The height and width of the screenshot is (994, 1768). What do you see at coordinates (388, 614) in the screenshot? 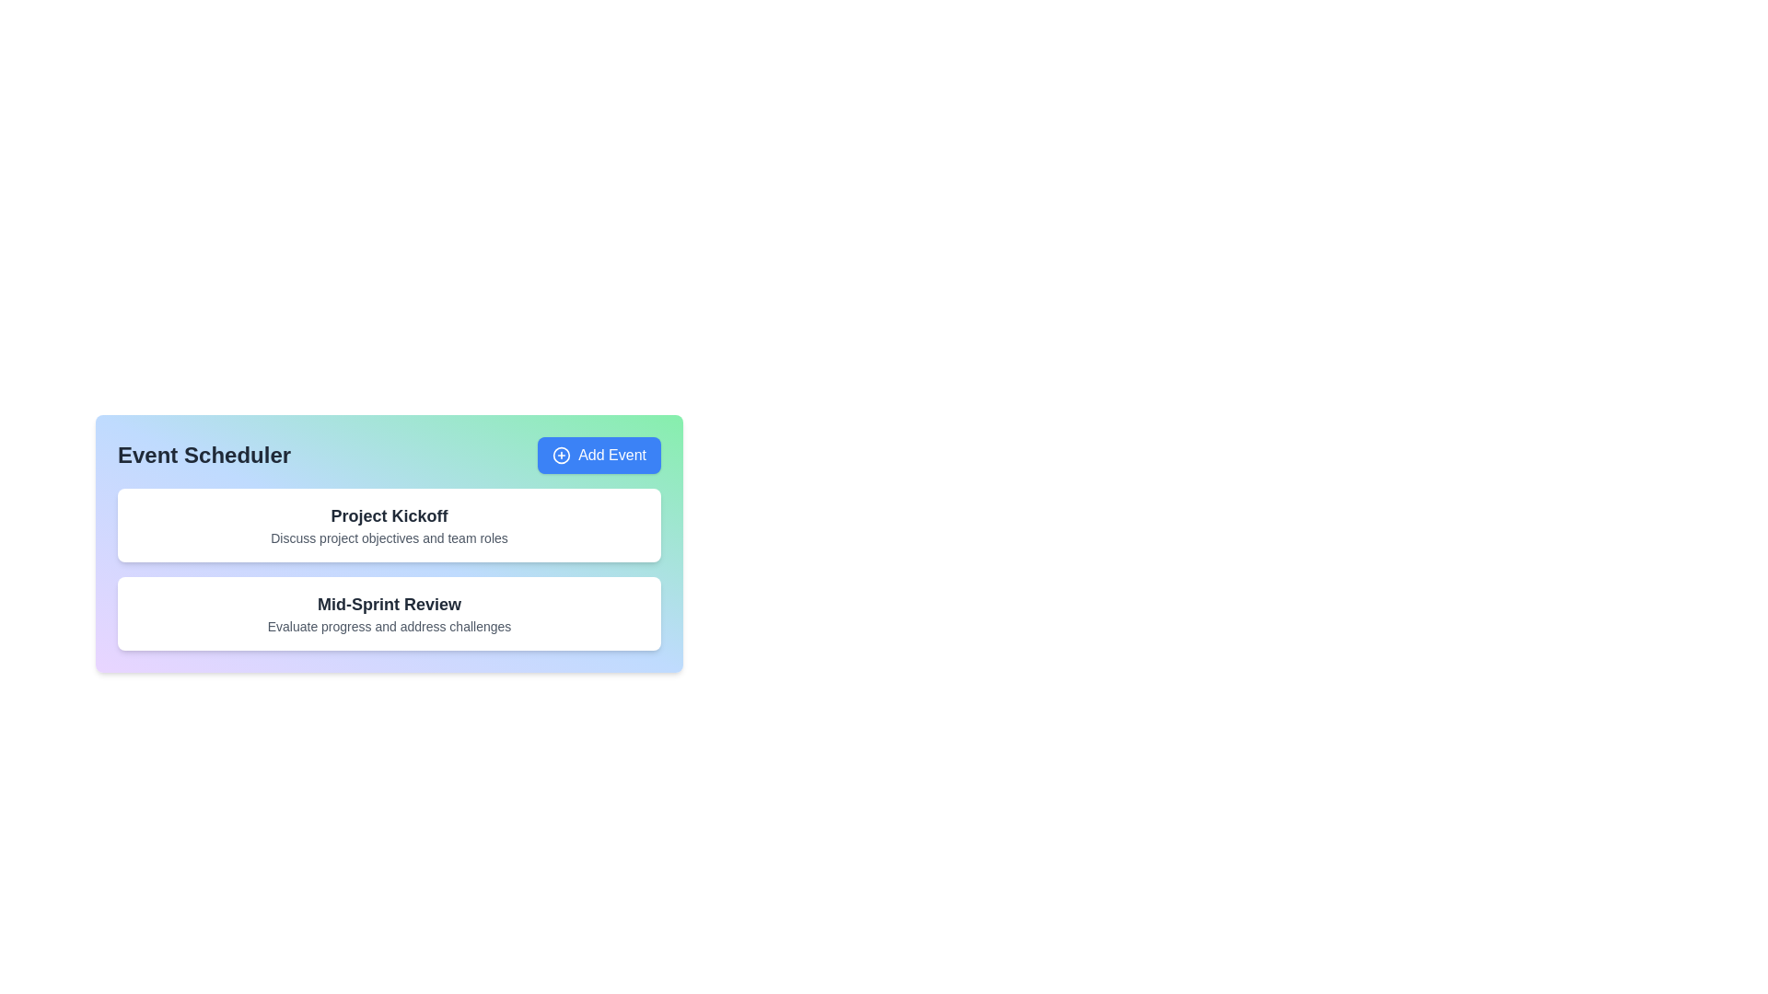
I see `the Information Card for the event titled 'Mid-Sprint Review', which is located below the 'Project Kickoff' element in the 'Event Scheduler' section` at bounding box center [388, 614].